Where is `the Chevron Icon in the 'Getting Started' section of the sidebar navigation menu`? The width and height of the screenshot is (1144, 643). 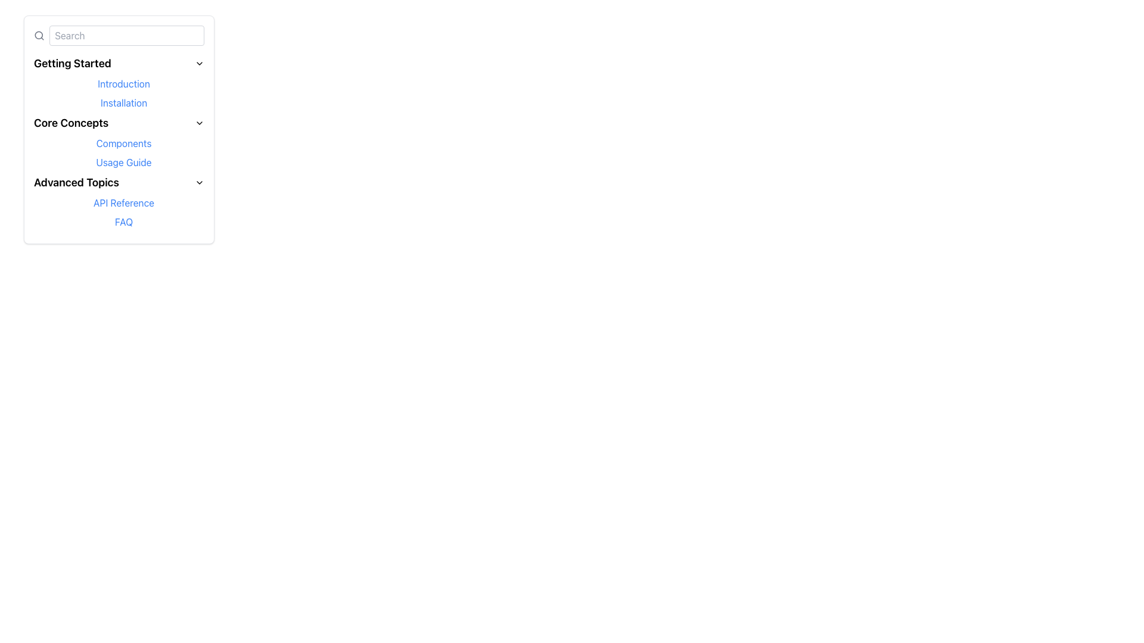 the Chevron Icon in the 'Getting Started' section of the sidebar navigation menu is located at coordinates (200, 64).